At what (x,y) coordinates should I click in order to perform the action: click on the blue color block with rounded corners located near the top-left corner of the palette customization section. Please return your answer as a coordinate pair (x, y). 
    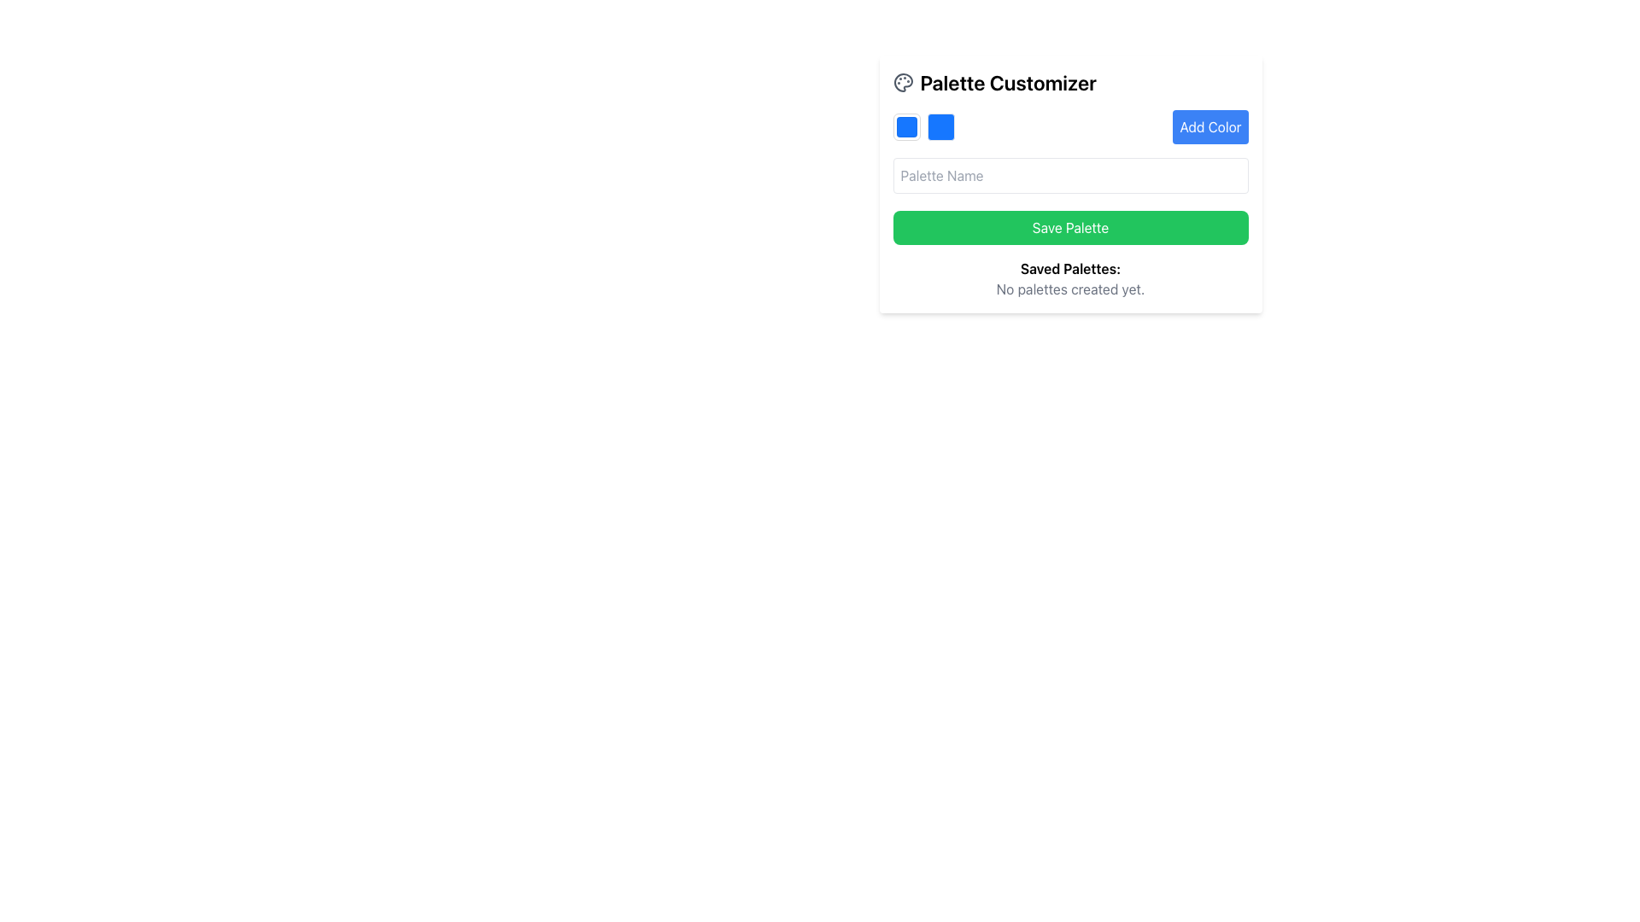
    Looking at the image, I should click on (905, 126).